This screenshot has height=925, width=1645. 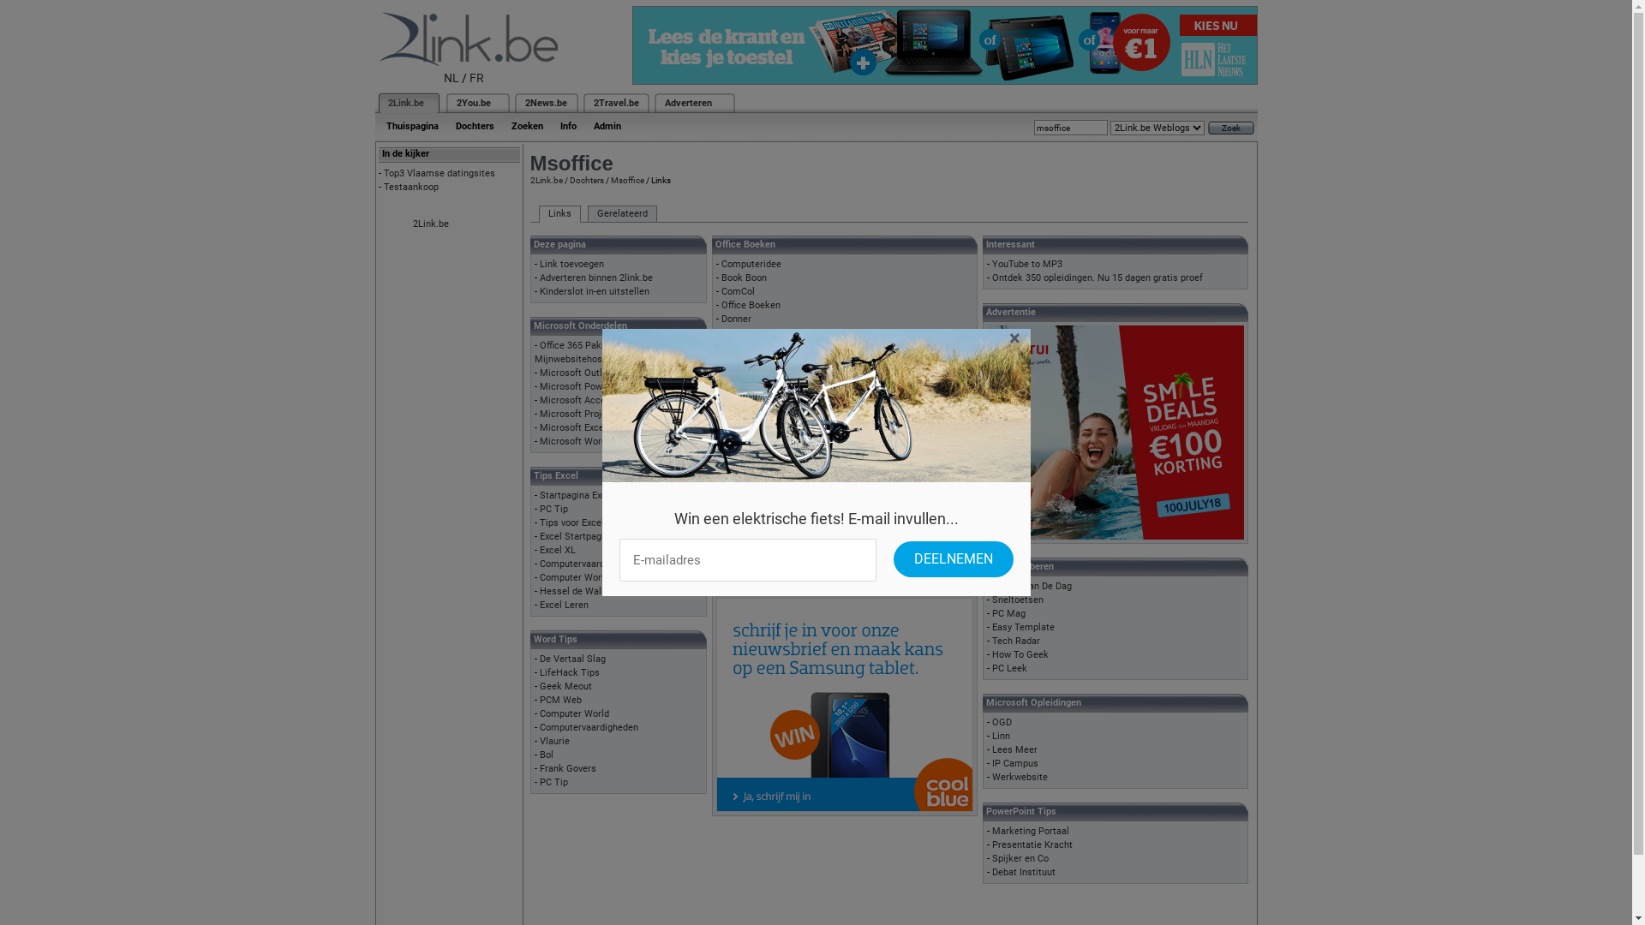 What do you see at coordinates (1229, 127) in the screenshot?
I see `'Zoek'` at bounding box center [1229, 127].